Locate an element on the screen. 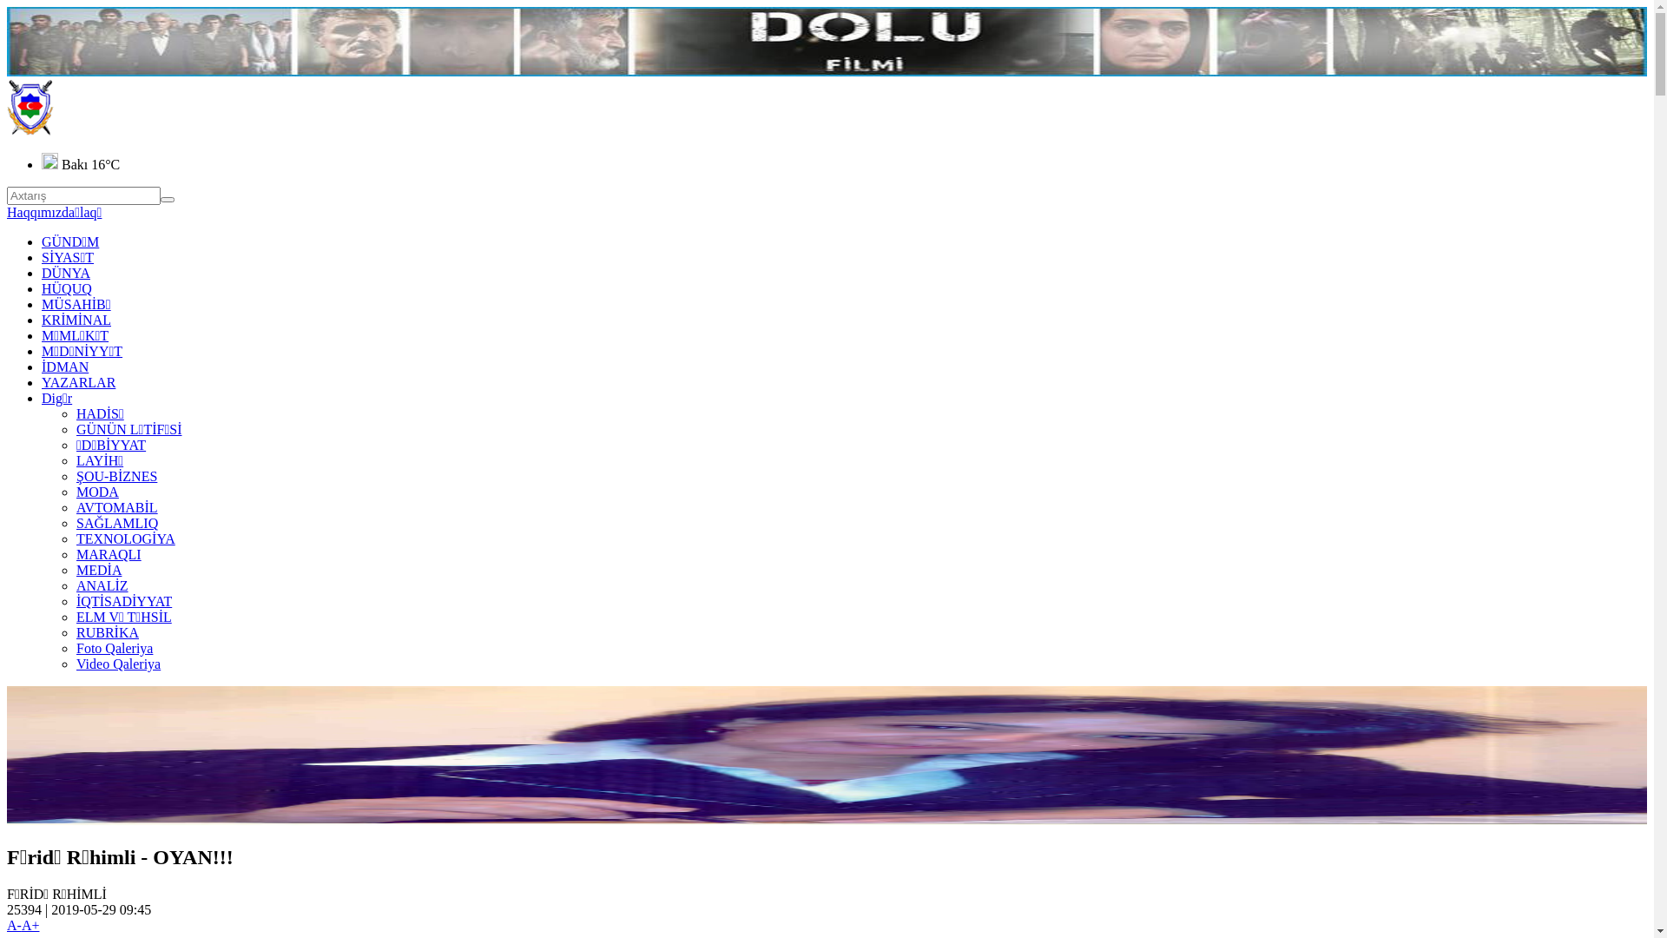 The height and width of the screenshot is (938, 1667). 'MODA' is located at coordinates (96, 492).